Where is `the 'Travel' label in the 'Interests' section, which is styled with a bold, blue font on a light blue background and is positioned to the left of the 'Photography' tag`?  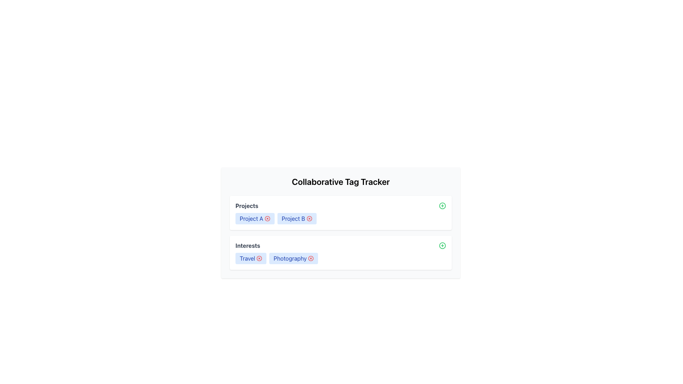 the 'Travel' label in the 'Interests' section, which is styled with a bold, blue font on a light blue background and is positioned to the left of the 'Photography' tag is located at coordinates (251, 258).